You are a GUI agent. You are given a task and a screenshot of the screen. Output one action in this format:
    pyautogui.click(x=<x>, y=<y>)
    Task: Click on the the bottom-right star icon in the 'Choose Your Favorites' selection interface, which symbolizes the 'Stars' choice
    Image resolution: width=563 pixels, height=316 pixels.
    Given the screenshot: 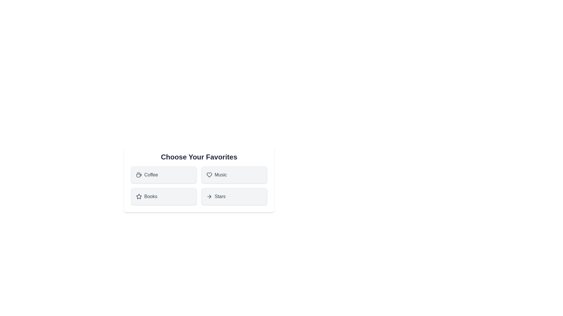 What is the action you would take?
    pyautogui.click(x=139, y=196)
    